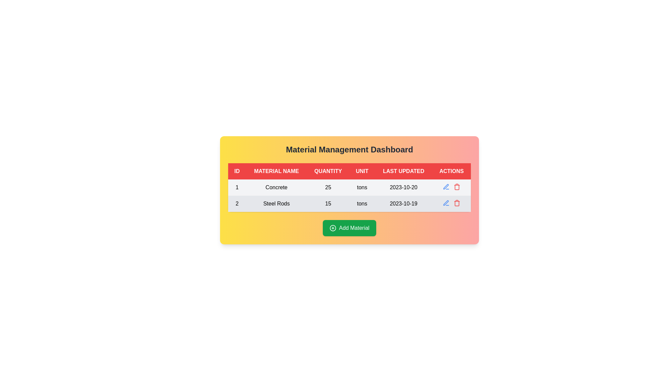  What do you see at coordinates (328, 203) in the screenshot?
I see `the numerical entry displaying '15' in bold black text within the 'QUANTITY' column of the 'Steel Rods' row in the data table` at bounding box center [328, 203].